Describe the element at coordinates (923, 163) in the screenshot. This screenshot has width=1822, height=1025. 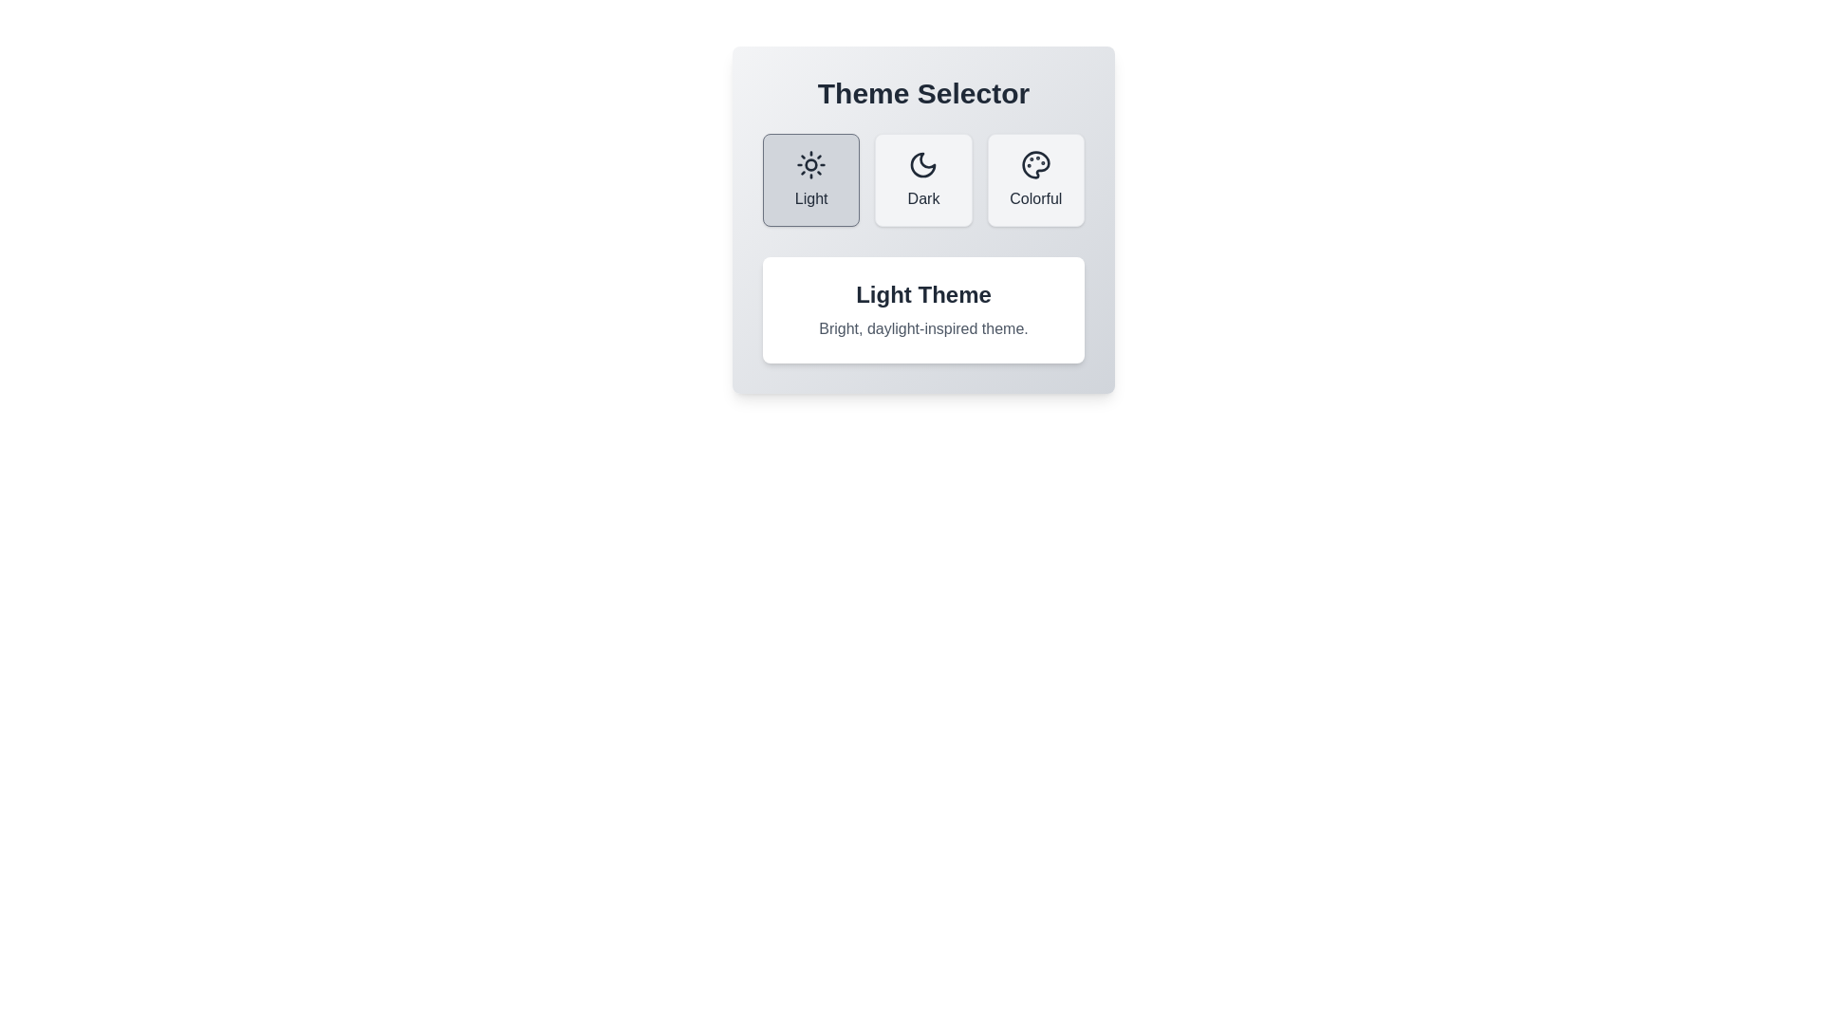
I see `the moon-shaped icon inside the 'Dark' button` at that location.